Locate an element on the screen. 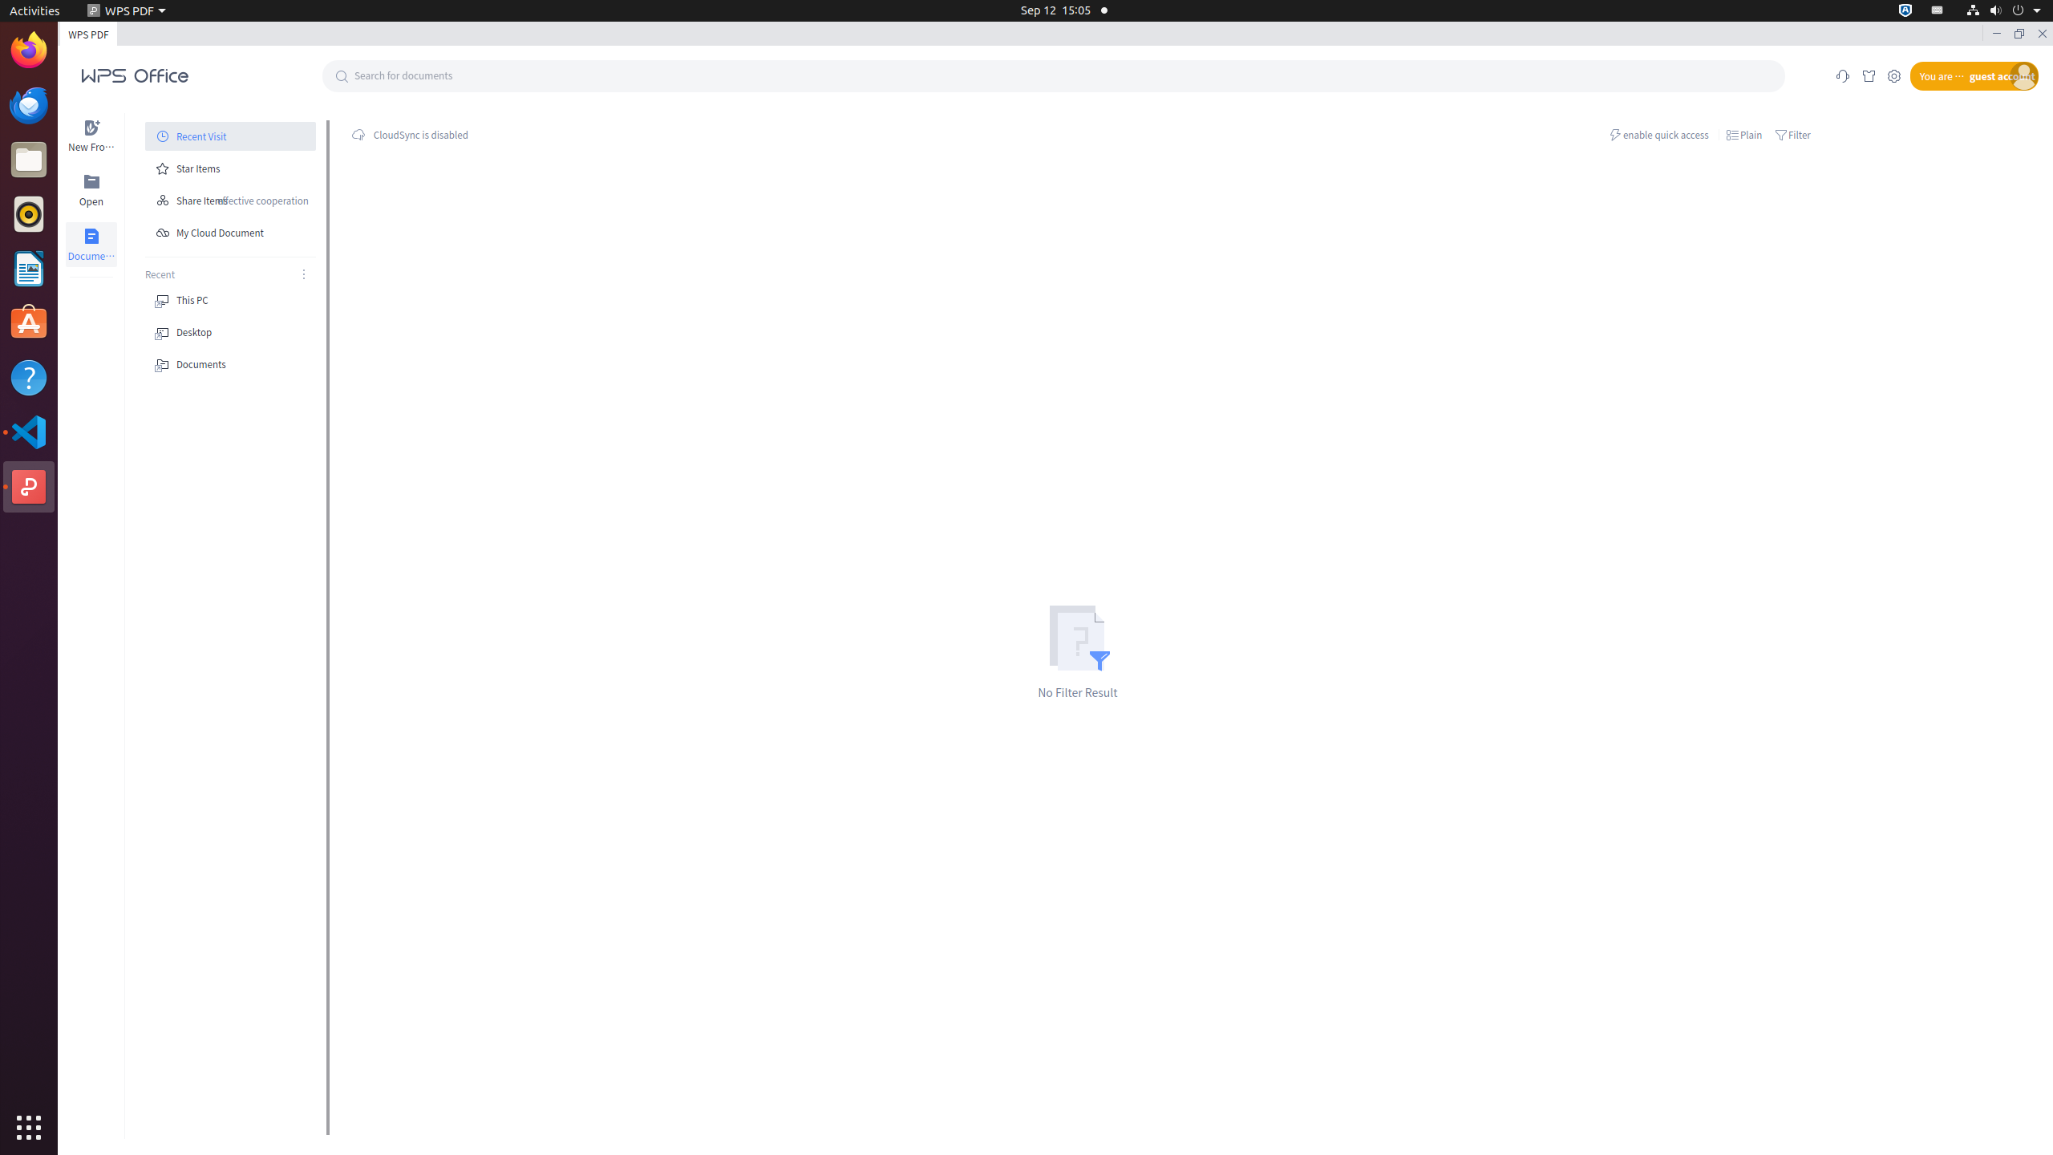 This screenshot has height=1155, width=2053. 'WPS PDF' is located at coordinates (125, 10).